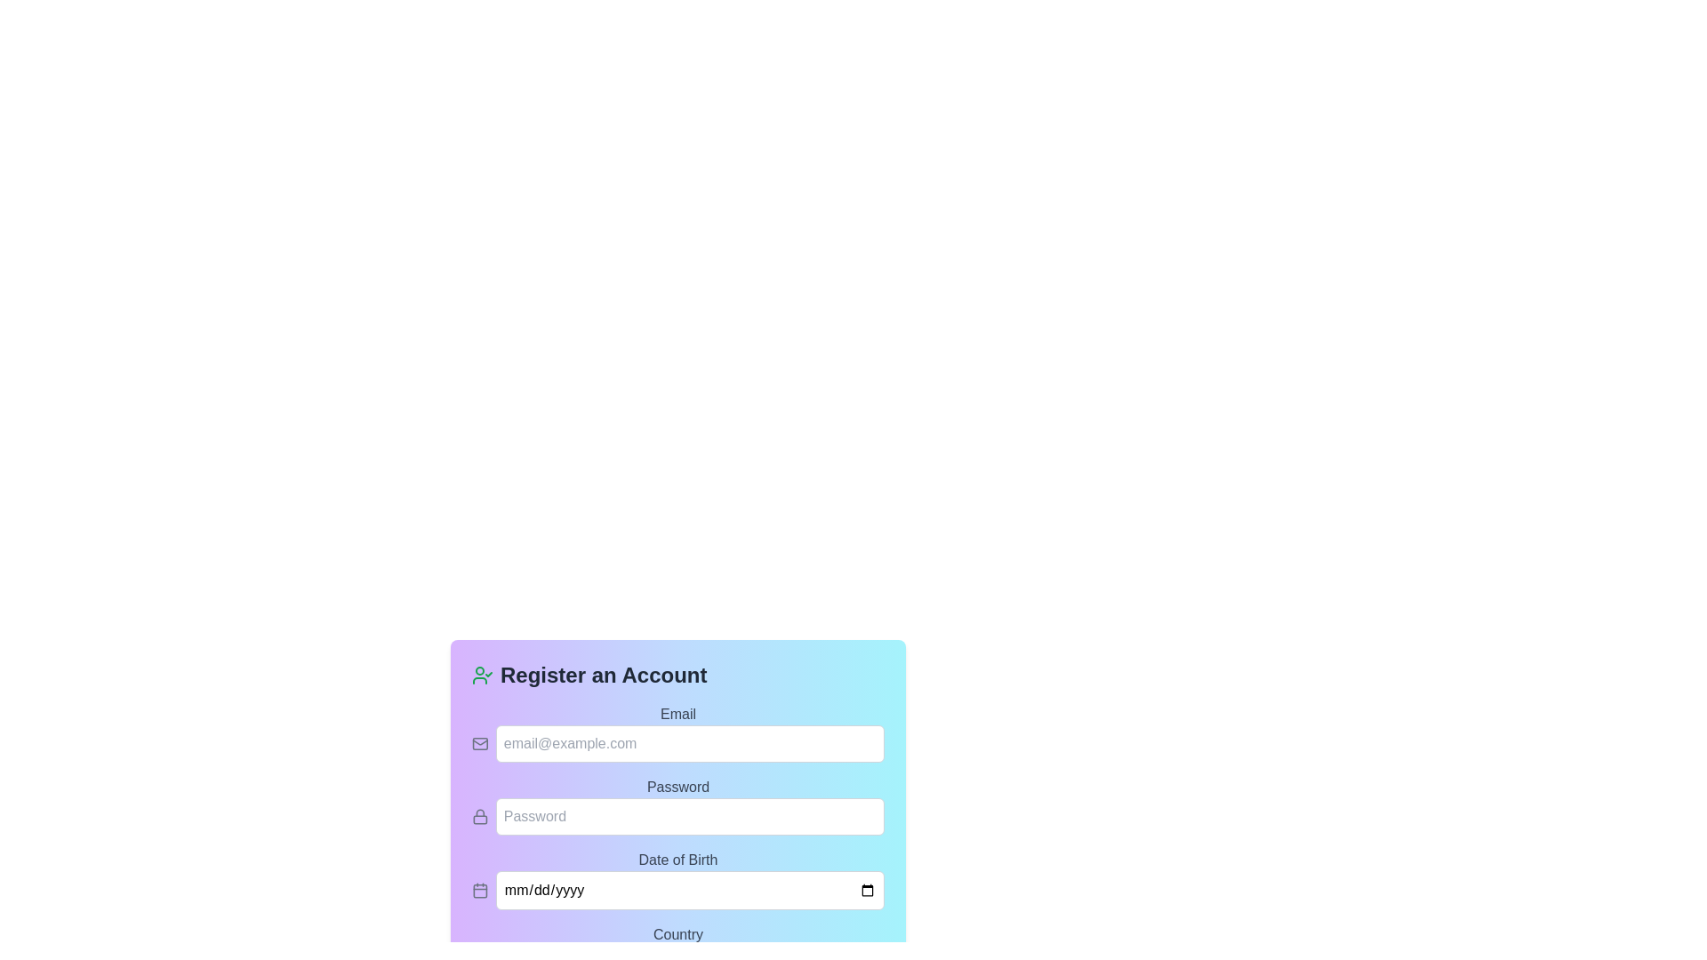 The width and height of the screenshot is (1707, 960). I want to click on the email input icon that indicates the expected input type for an email address, located to the left of the email address input field, so click(480, 744).